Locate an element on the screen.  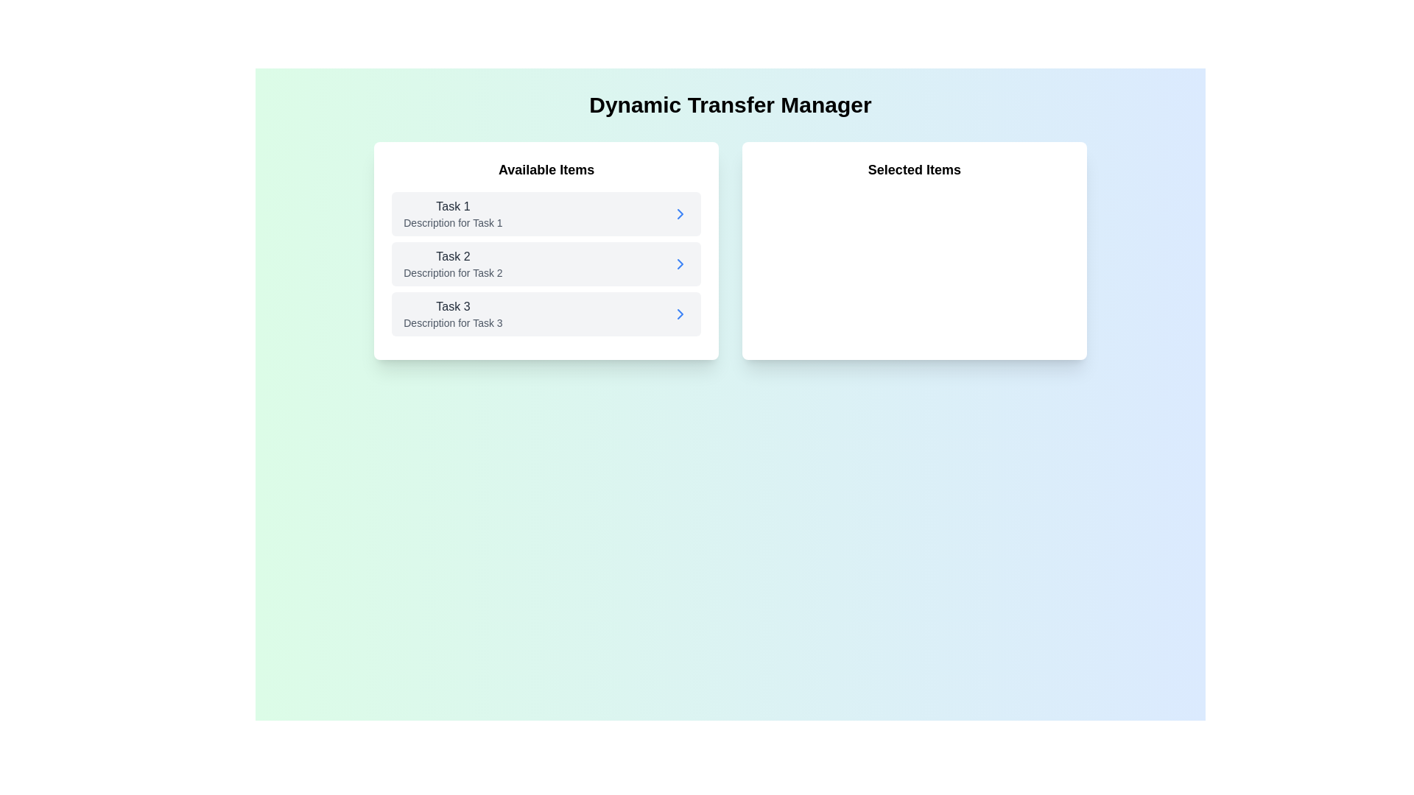
the non-interactive Text label that provides details about 'Task 2', positioned below the 'Task 2' title in the 'Available Items' section is located at coordinates (452, 272).